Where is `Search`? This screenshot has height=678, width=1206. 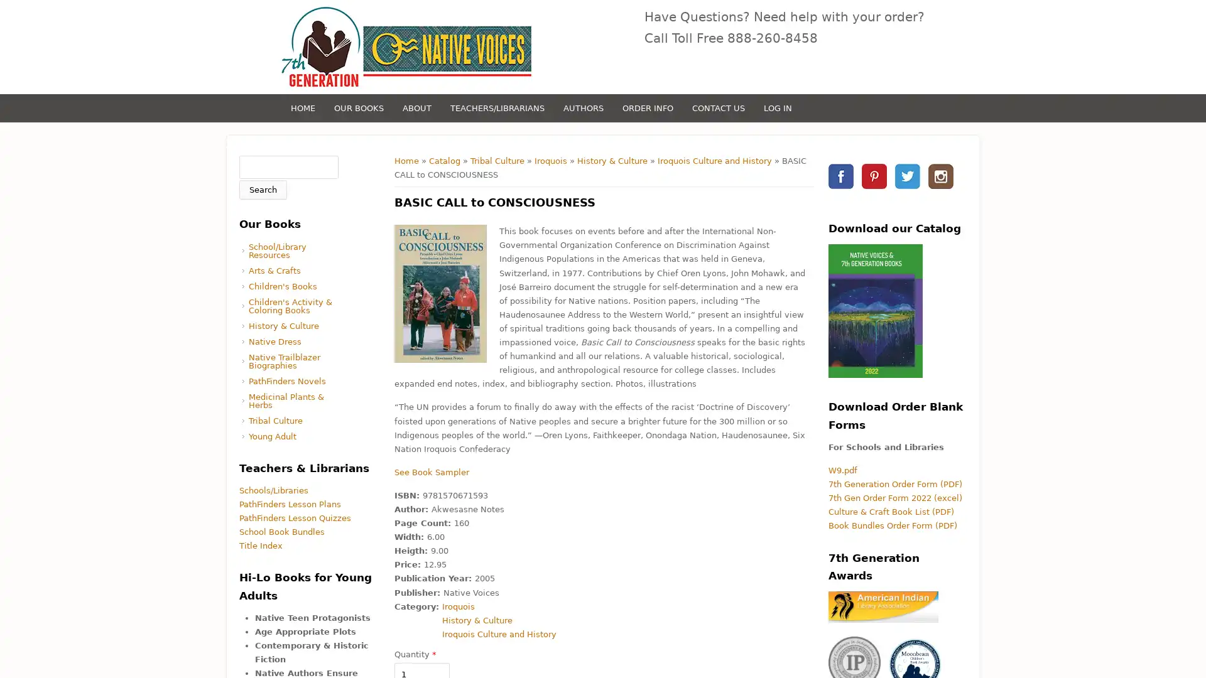
Search is located at coordinates (262, 190).